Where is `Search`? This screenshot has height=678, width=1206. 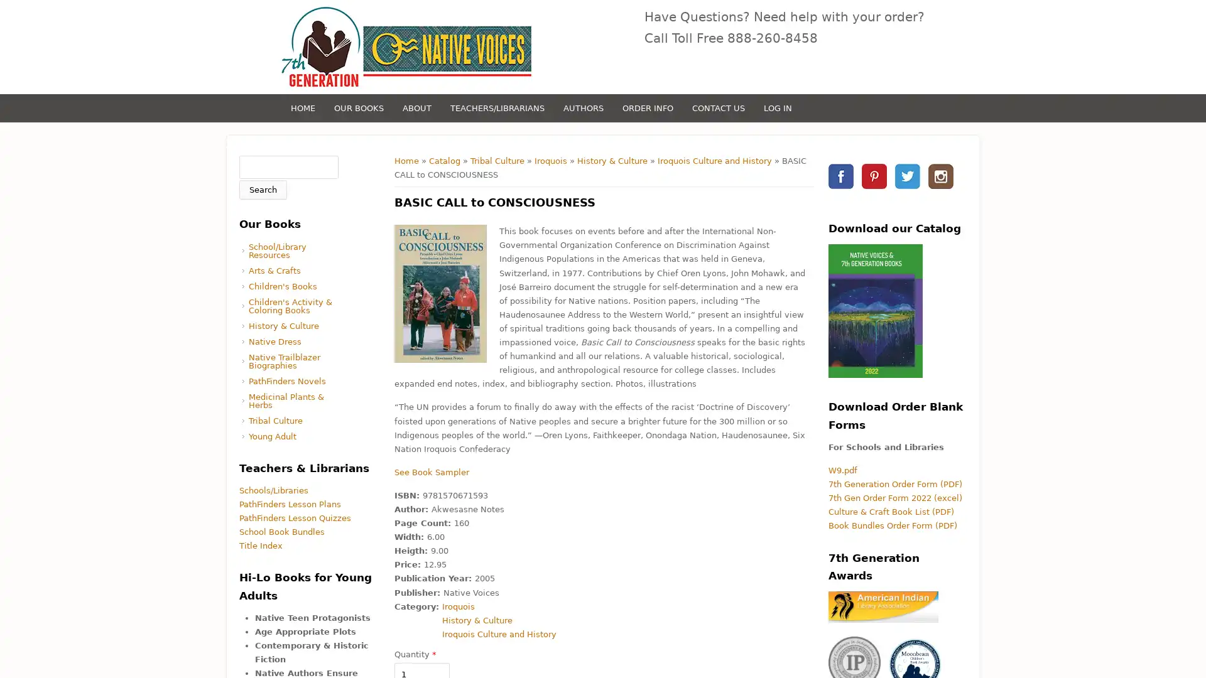
Search is located at coordinates (262, 190).